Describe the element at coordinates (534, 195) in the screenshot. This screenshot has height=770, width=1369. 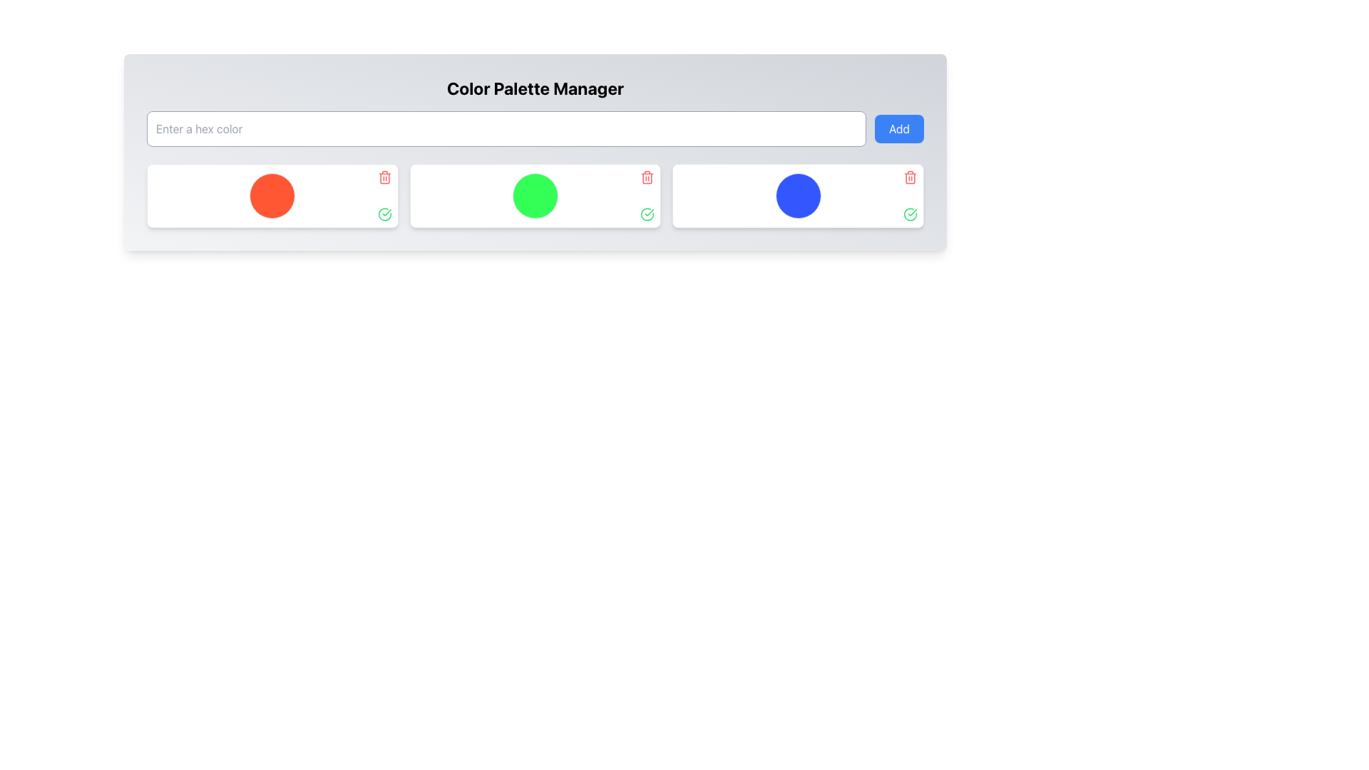
I see `the circular status indicator located in the center of the middle rectangular card, which visually represents a color or status` at that location.